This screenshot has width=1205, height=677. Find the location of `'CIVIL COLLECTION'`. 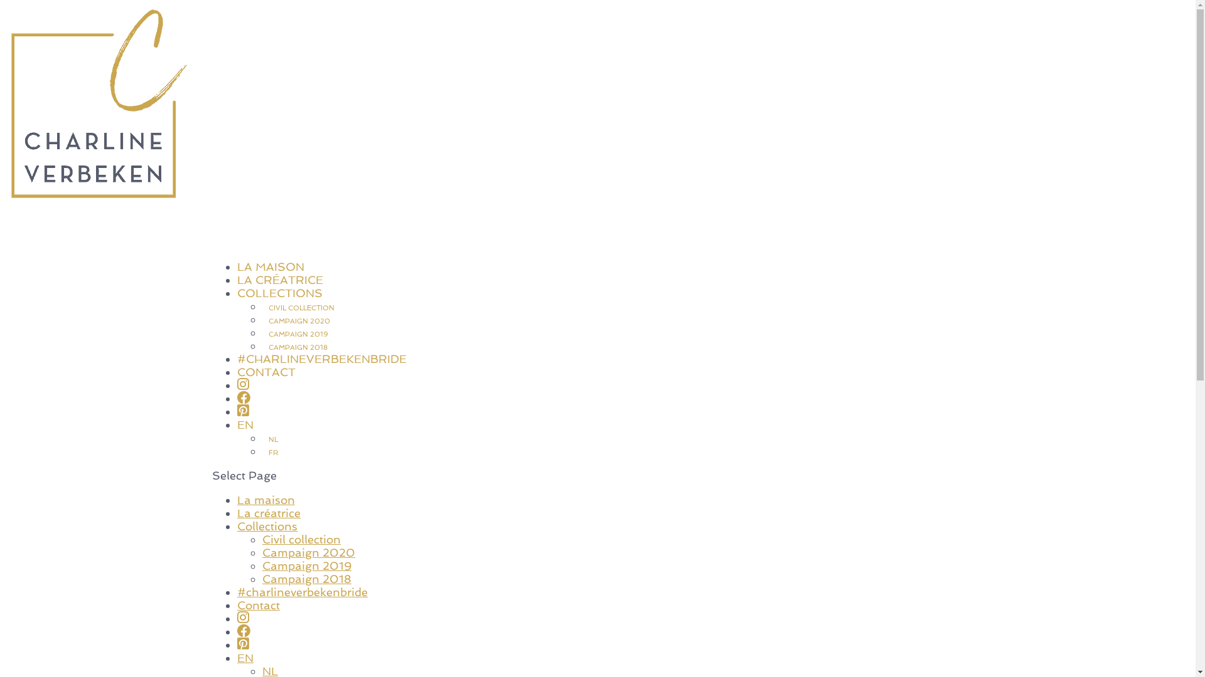

'CIVIL COLLECTION' is located at coordinates (301, 308).